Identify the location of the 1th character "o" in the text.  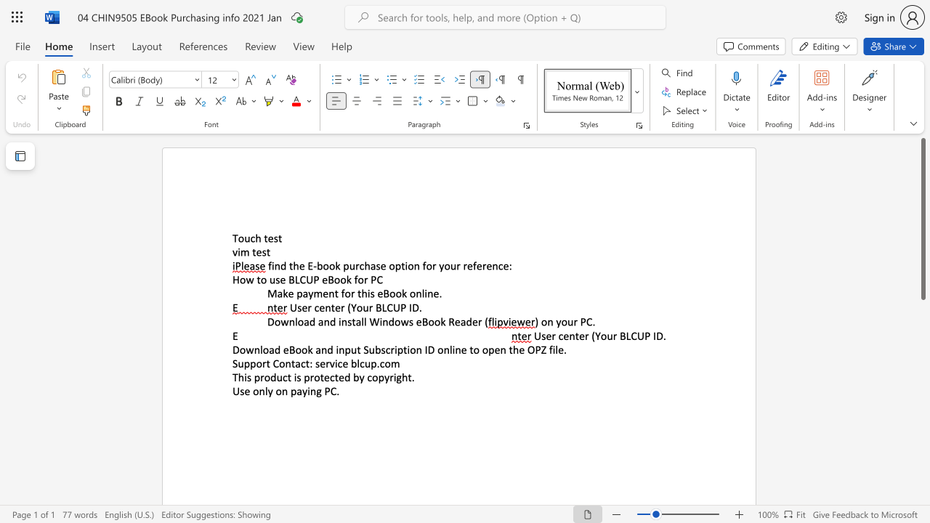
(241, 238).